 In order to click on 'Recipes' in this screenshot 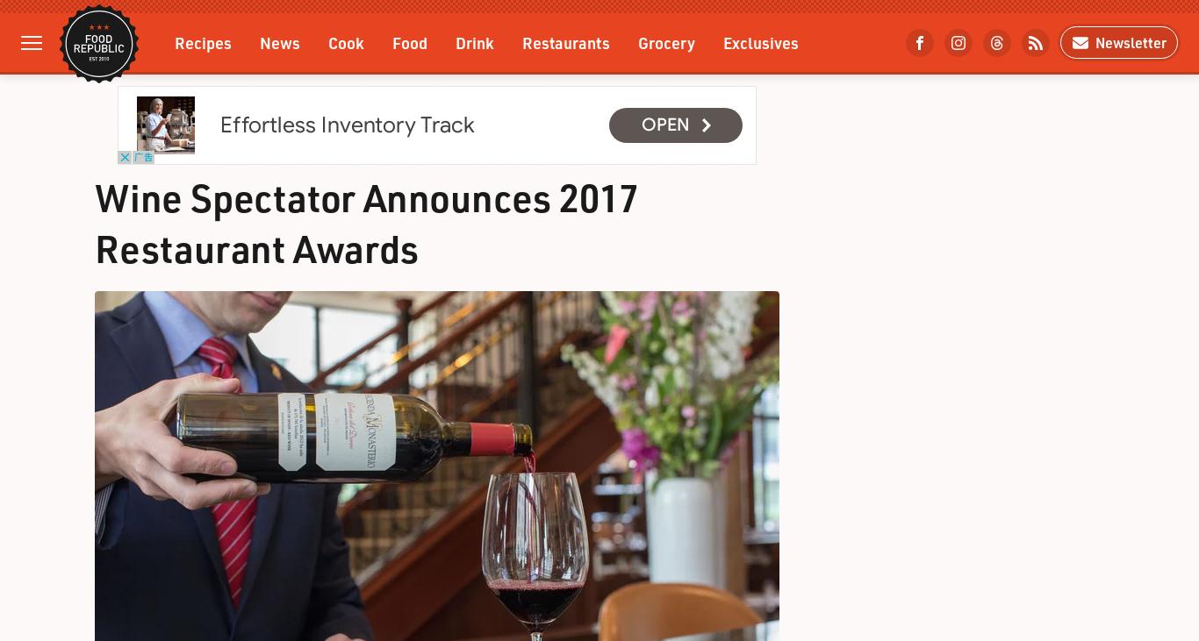, I will do `click(203, 41)`.